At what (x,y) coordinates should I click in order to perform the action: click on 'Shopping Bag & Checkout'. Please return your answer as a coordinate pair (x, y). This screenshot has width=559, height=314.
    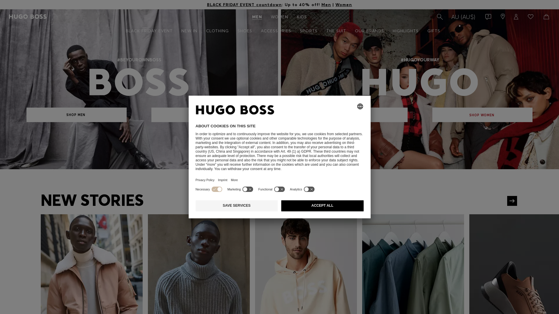
    Looking at the image, I should click on (545, 17).